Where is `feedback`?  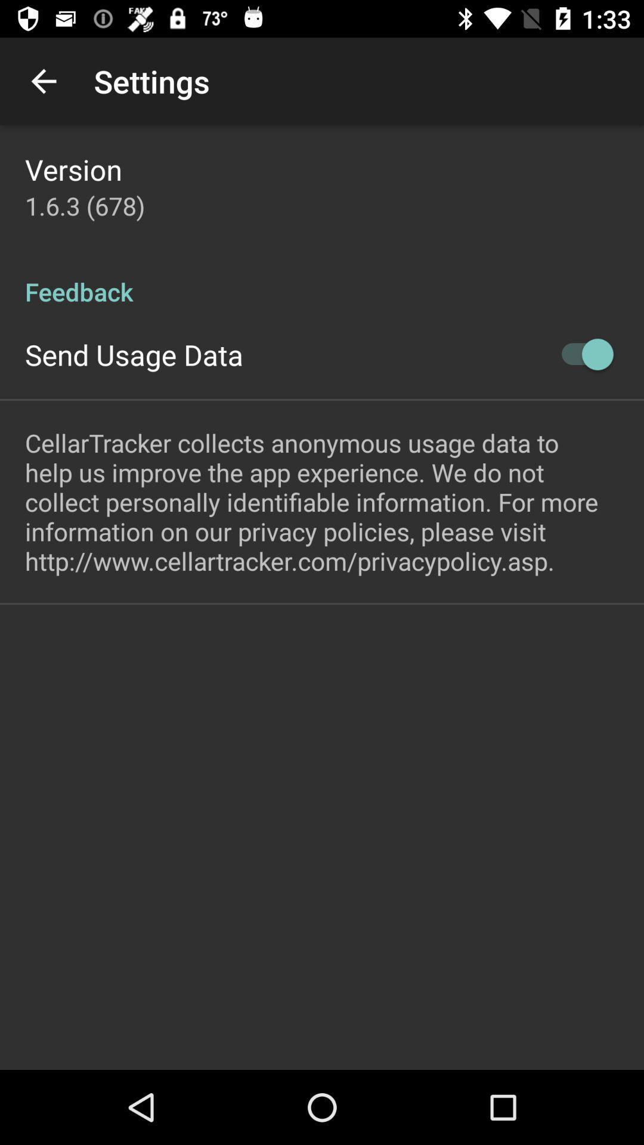
feedback is located at coordinates (322, 278).